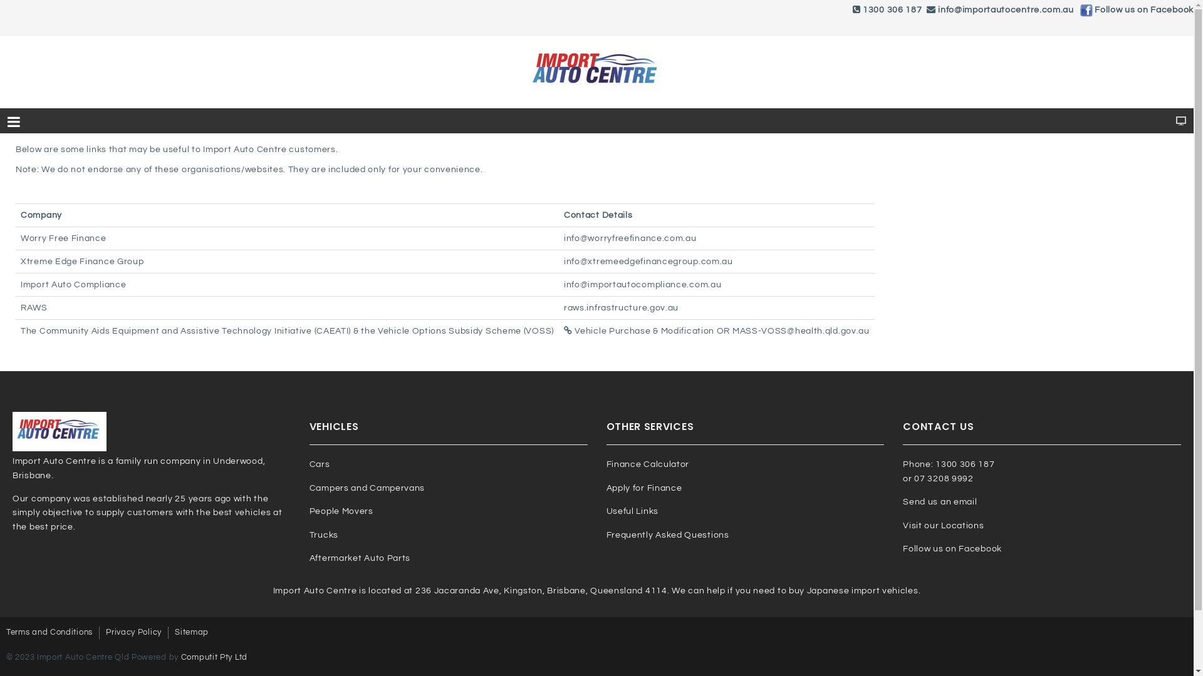  What do you see at coordinates (341, 511) in the screenshot?
I see `'People Movers'` at bounding box center [341, 511].